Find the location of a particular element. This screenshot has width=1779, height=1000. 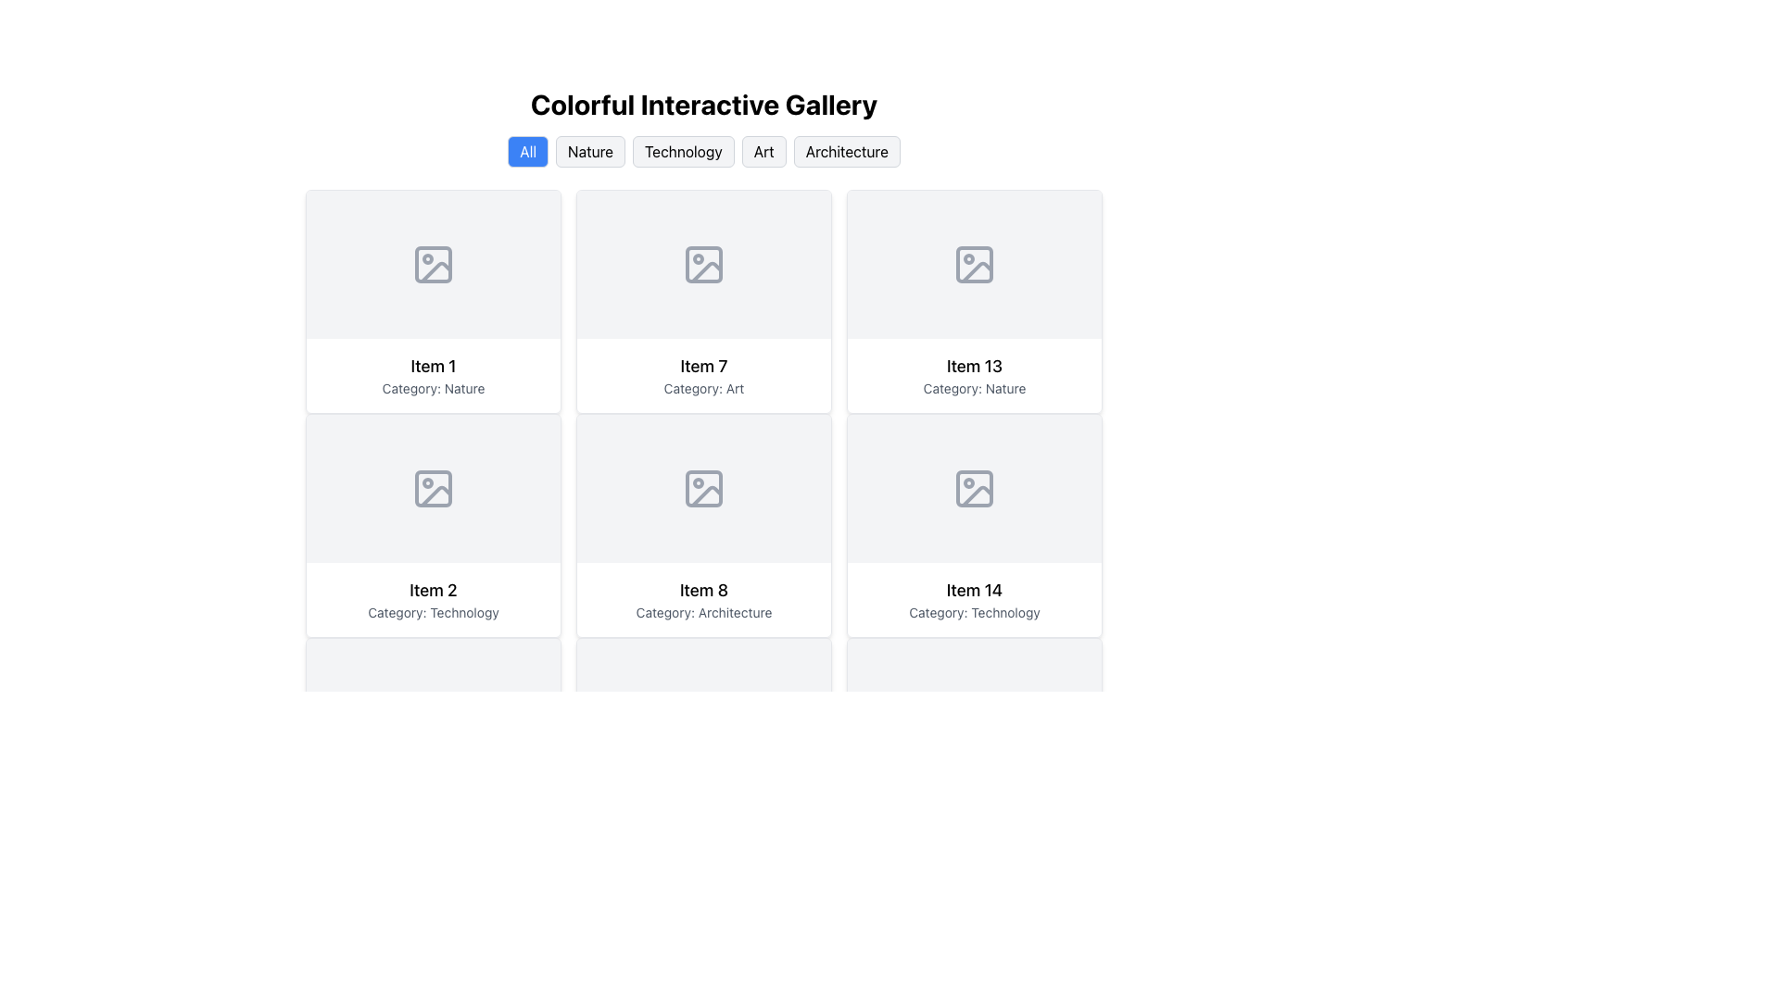

the card UI component representing 'Item 2' in the Technology category to interact with it is located at coordinates (432, 525).